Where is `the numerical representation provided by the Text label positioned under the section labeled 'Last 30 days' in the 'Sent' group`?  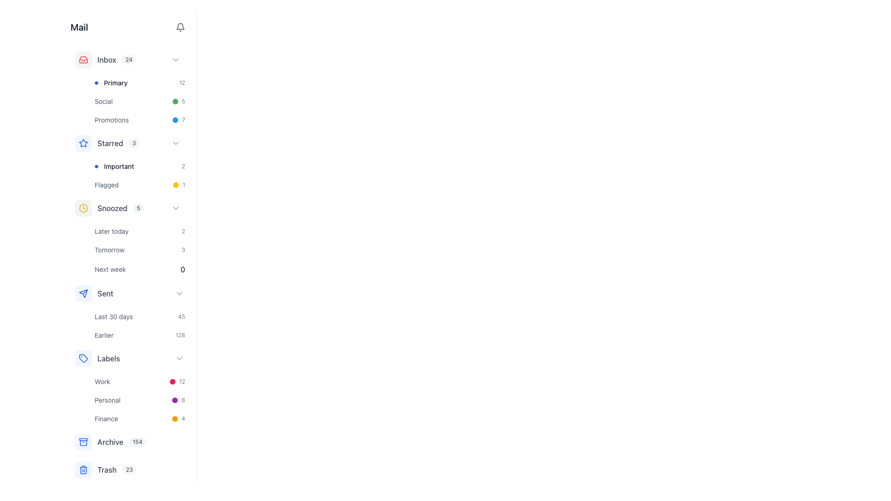
the numerical representation provided by the Text label positioned under the section labeled 'Last 30 days' in the 'Sent' group is located at coordinates (181, 316).